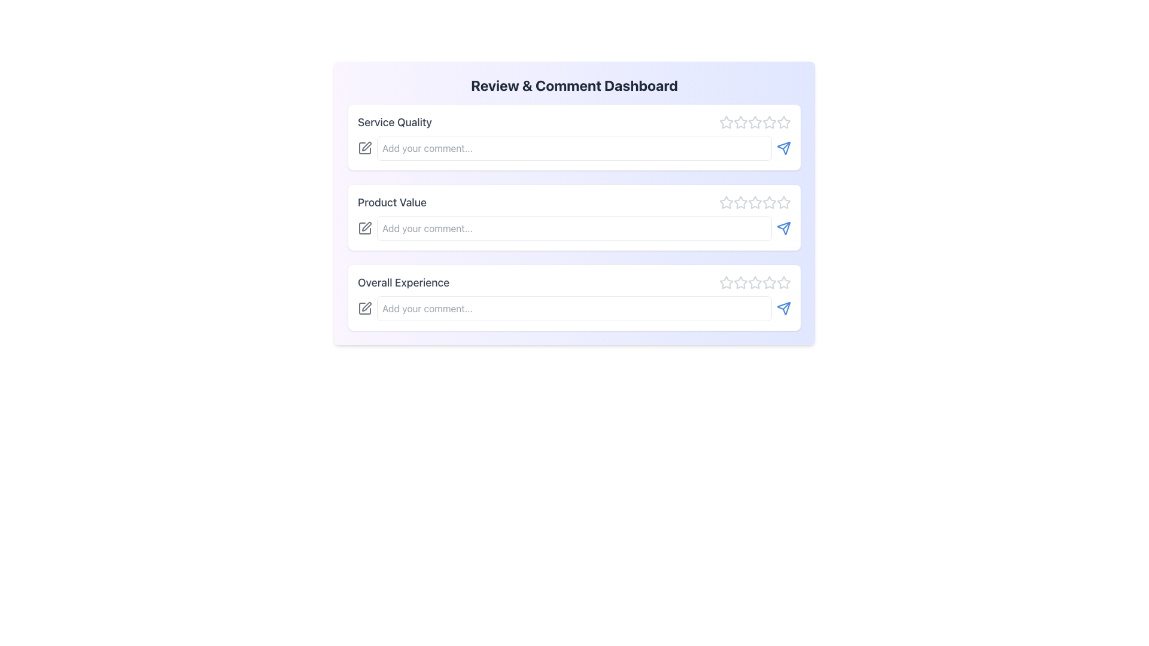  What do you see at coordinates (726, 282) in the screenshot?
I see `the first star icon in the rating system to rate the 'Overall Experience'` at bounding box center [726, 282].